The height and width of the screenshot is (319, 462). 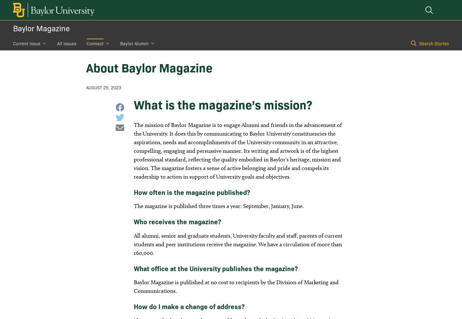 I want to click on 'Baylor Alumni', so click(x=134, y=43).